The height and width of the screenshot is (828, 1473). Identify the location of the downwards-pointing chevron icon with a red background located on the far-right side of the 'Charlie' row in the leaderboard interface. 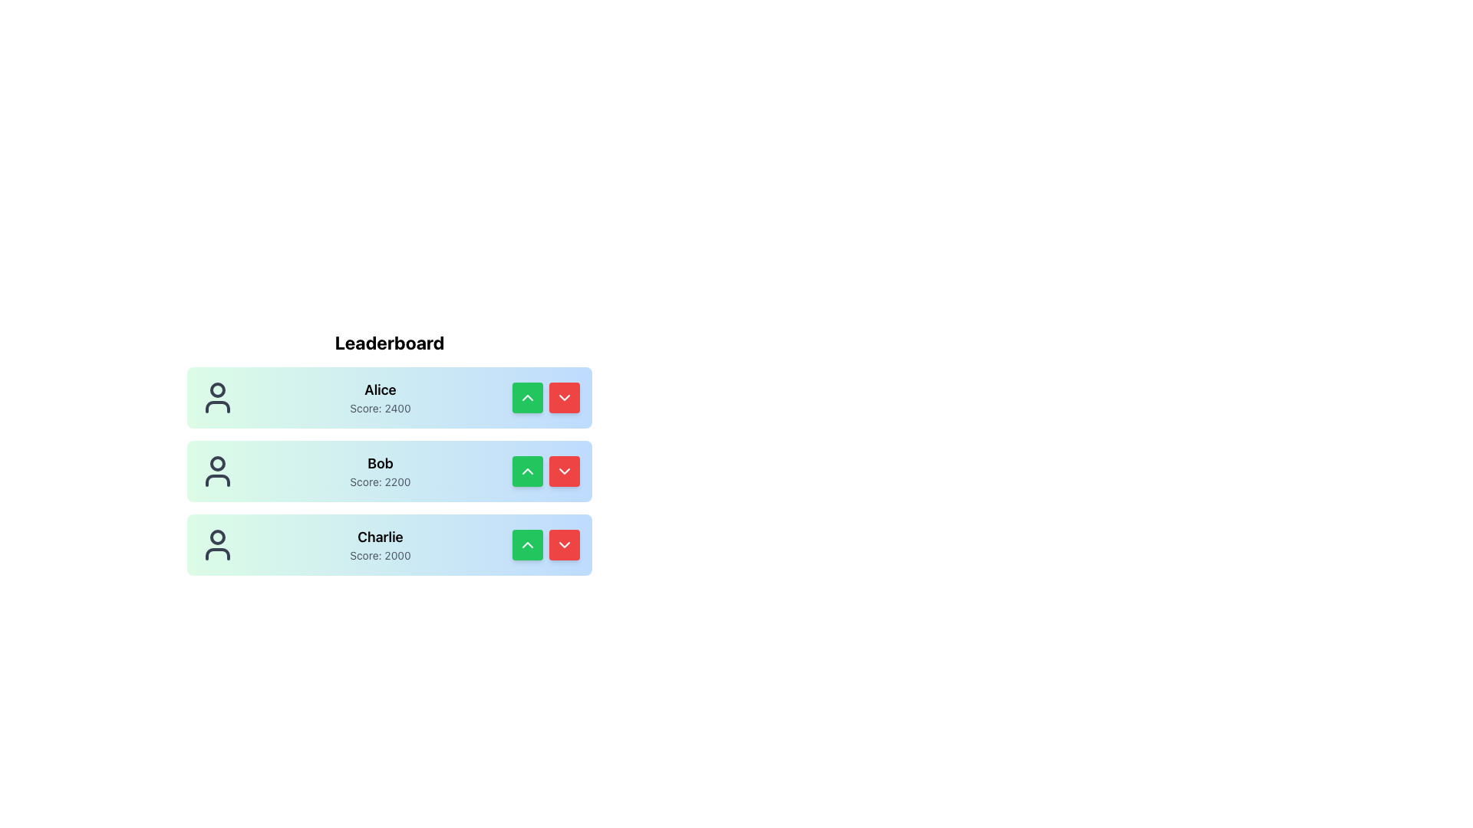
(563, 544).